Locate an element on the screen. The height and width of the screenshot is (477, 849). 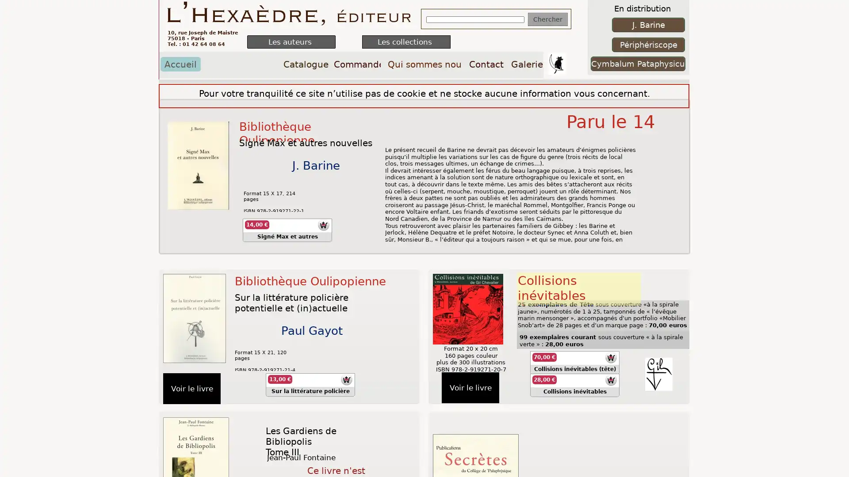
Cymbalum Pataphysicum is located at coordinates (638, 63).